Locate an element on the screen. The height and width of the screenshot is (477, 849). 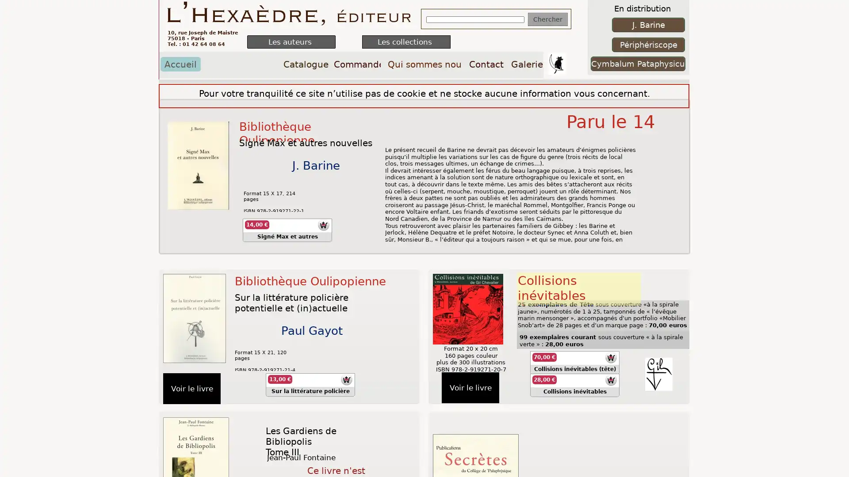
Cymbalum Pataphysicum is located at coordinates (638, 63).